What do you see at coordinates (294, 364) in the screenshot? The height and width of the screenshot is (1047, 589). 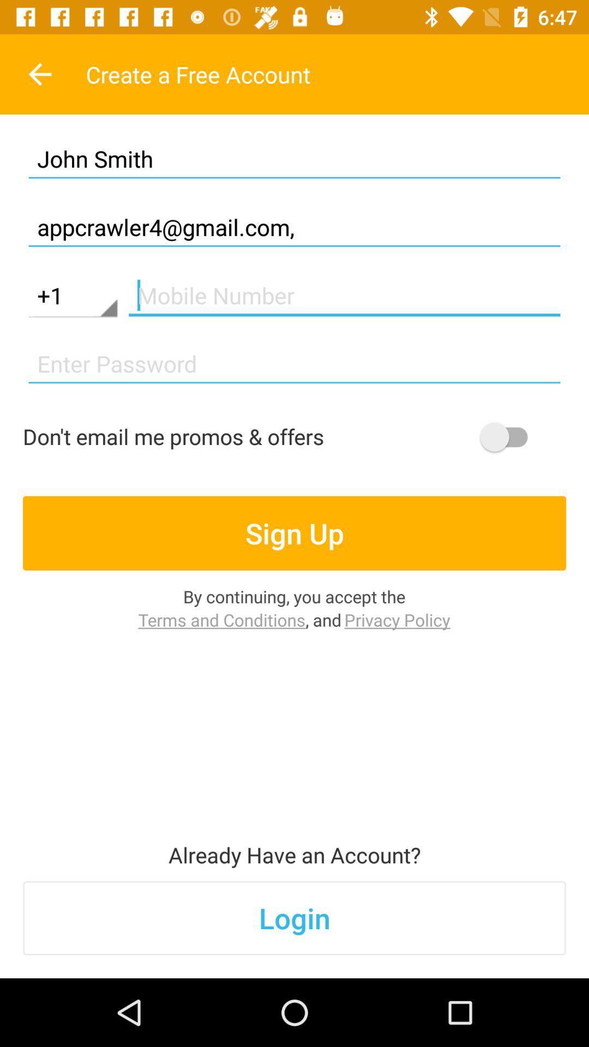 I see `password line` at bounding box center [294, 364].